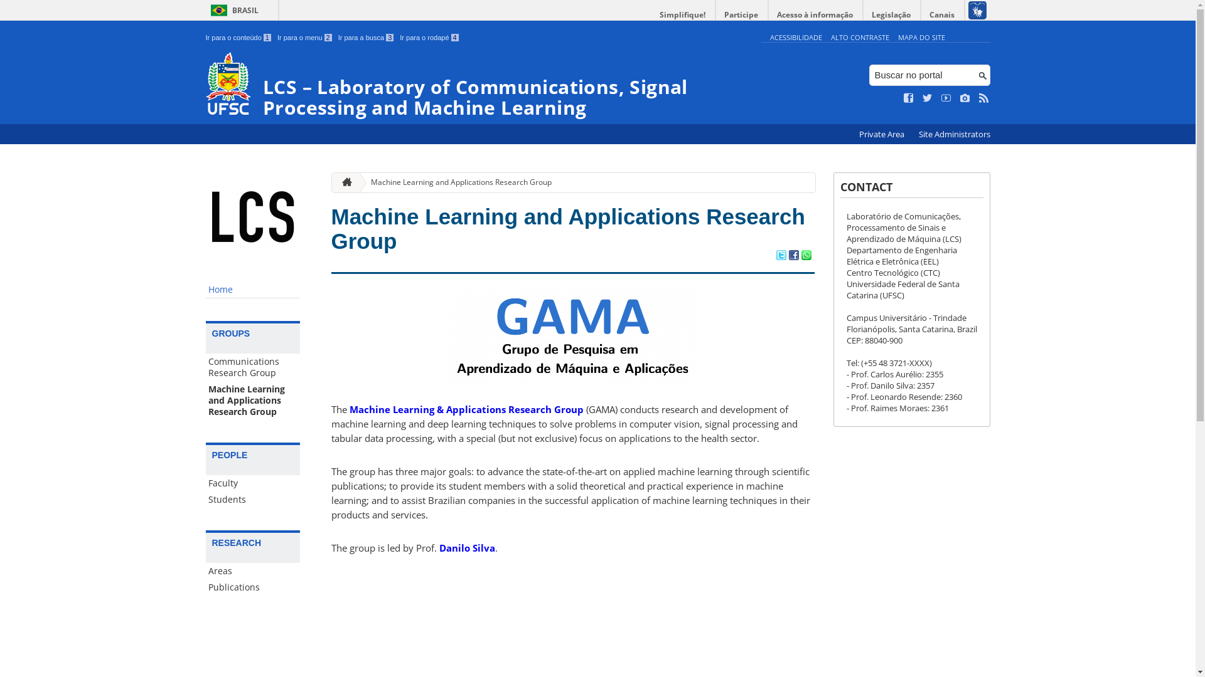  I want to click on 'Ir para o menu 2', so click(304, 37).